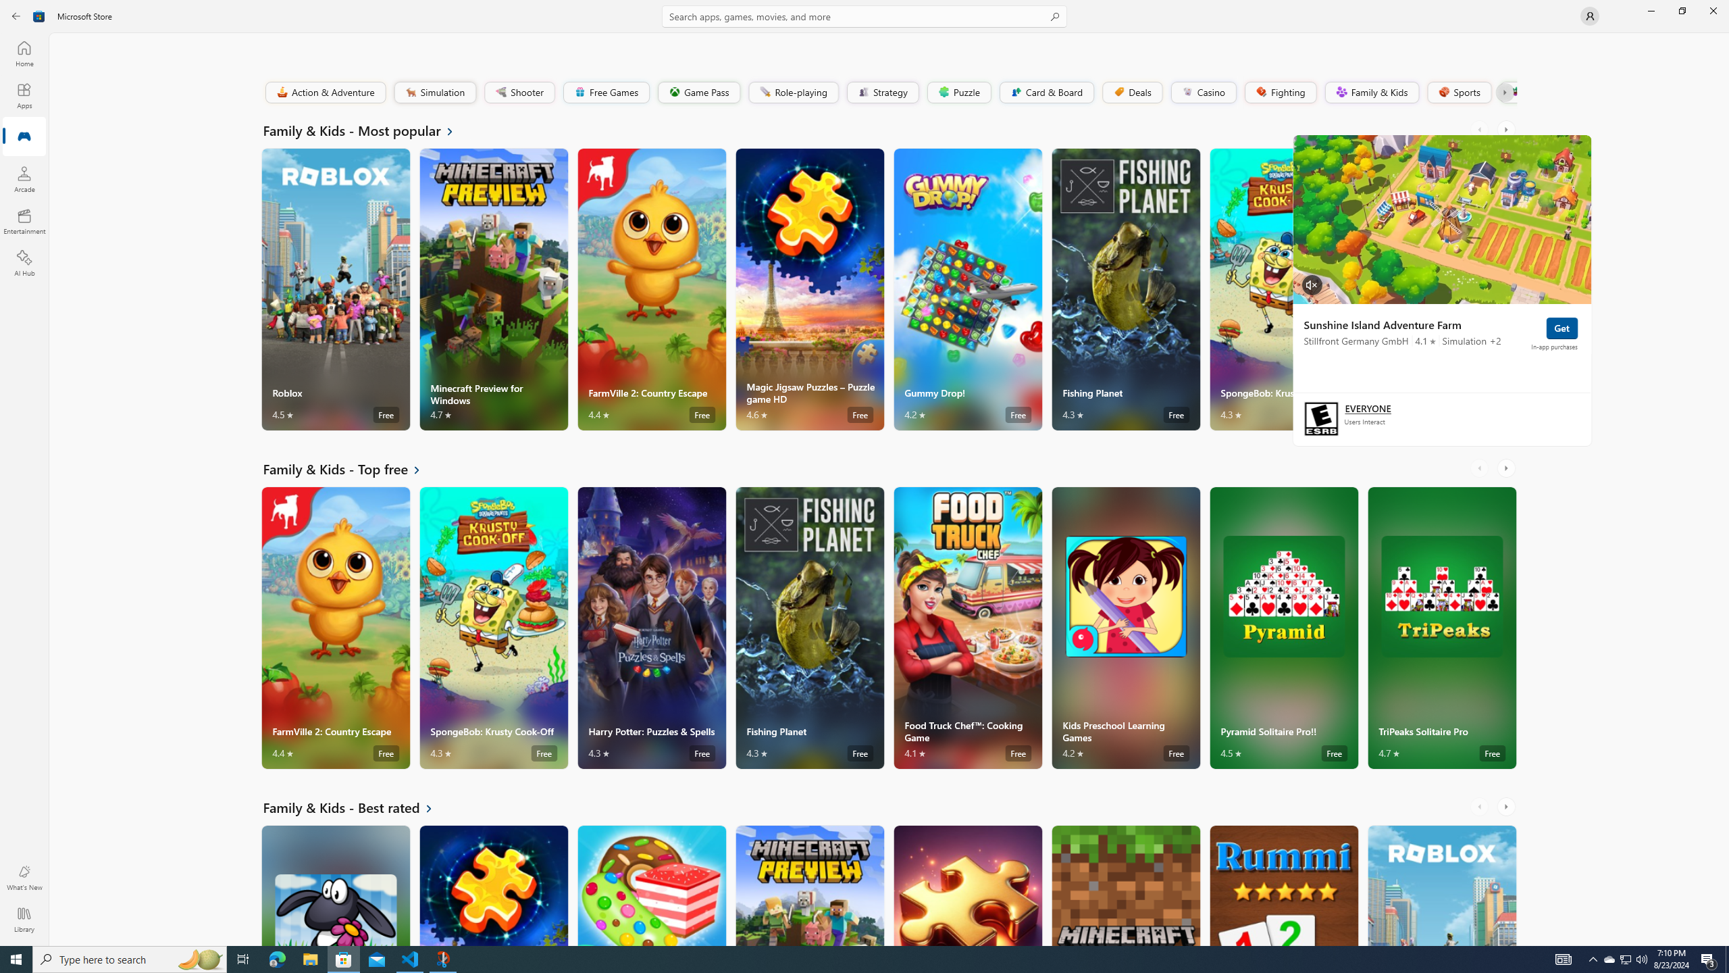  Describe the element at coordinates (23, 178) in the screenshot. I see `'Arcade'` at that location.